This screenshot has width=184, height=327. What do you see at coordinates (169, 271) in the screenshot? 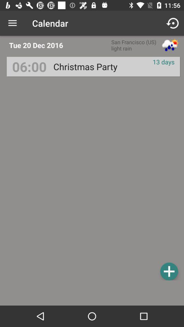
I see `the add icon` at bounding box center [169, 271].